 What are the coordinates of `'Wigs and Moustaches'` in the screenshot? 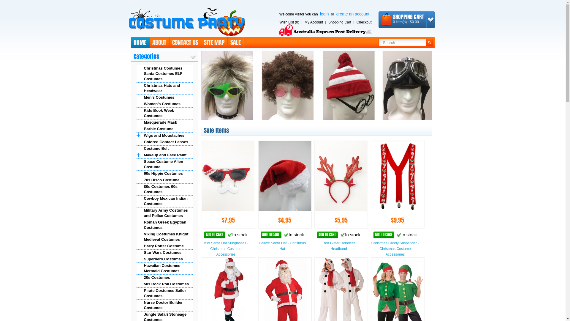 It's located at (164, 135).